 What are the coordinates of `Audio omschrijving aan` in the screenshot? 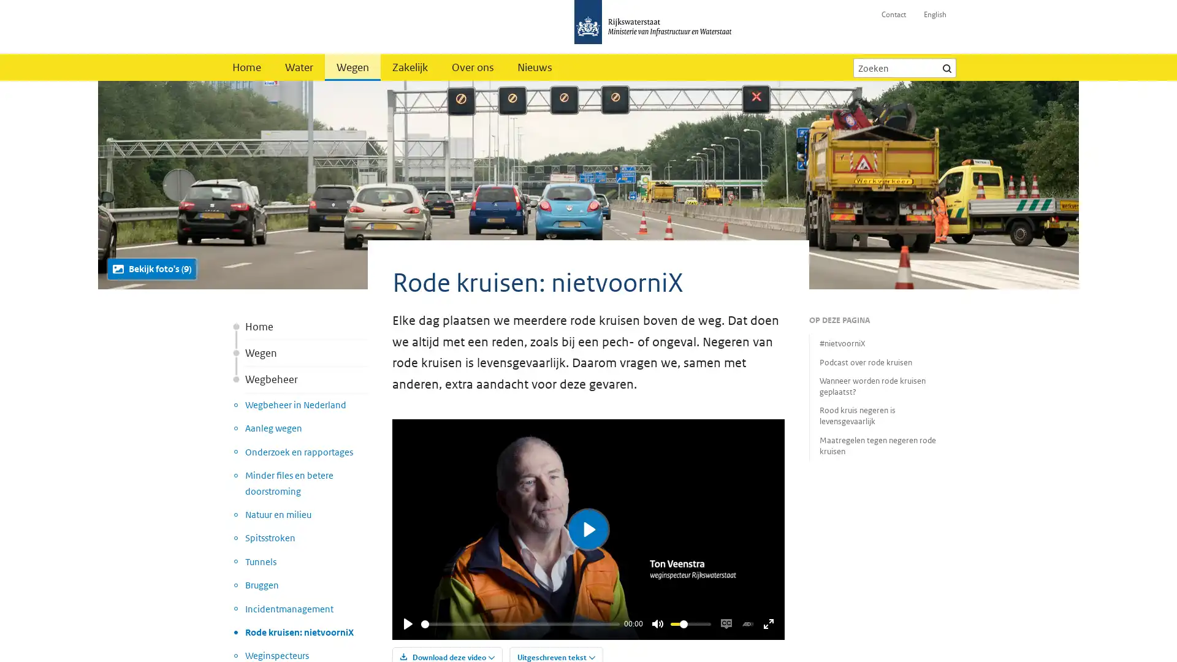 It's located at (747, 624).